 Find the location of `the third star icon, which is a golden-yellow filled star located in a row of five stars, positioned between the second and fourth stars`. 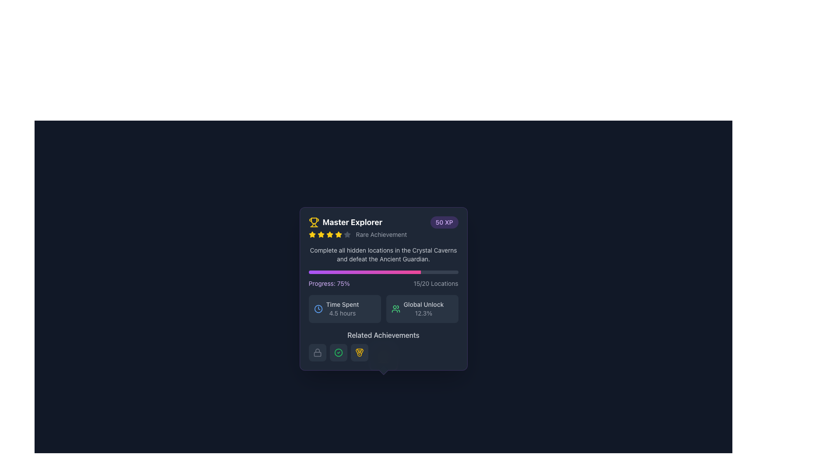

the third star icon, which is a golden-yellow filled star located in a row of five stars, positioned between the second and fourth stars is located at coordinates (329, 234).